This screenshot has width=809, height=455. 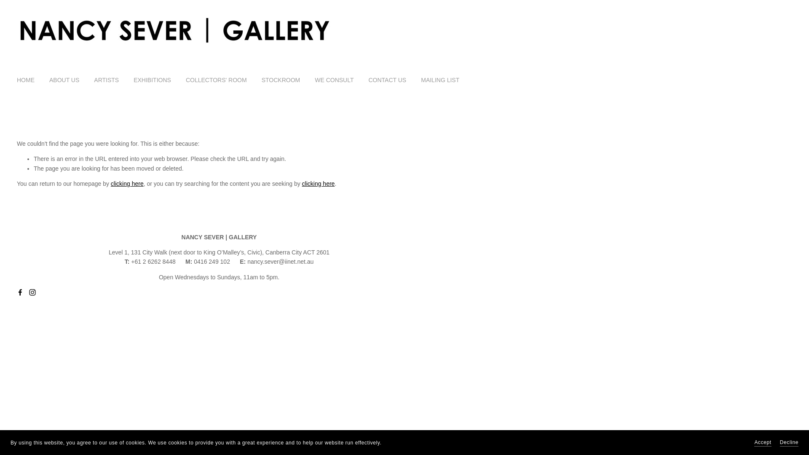 What do you see at coordinates (94, 80) in the screenshot?
I see `'ARTISTS'` at bounding box center [94, 80].